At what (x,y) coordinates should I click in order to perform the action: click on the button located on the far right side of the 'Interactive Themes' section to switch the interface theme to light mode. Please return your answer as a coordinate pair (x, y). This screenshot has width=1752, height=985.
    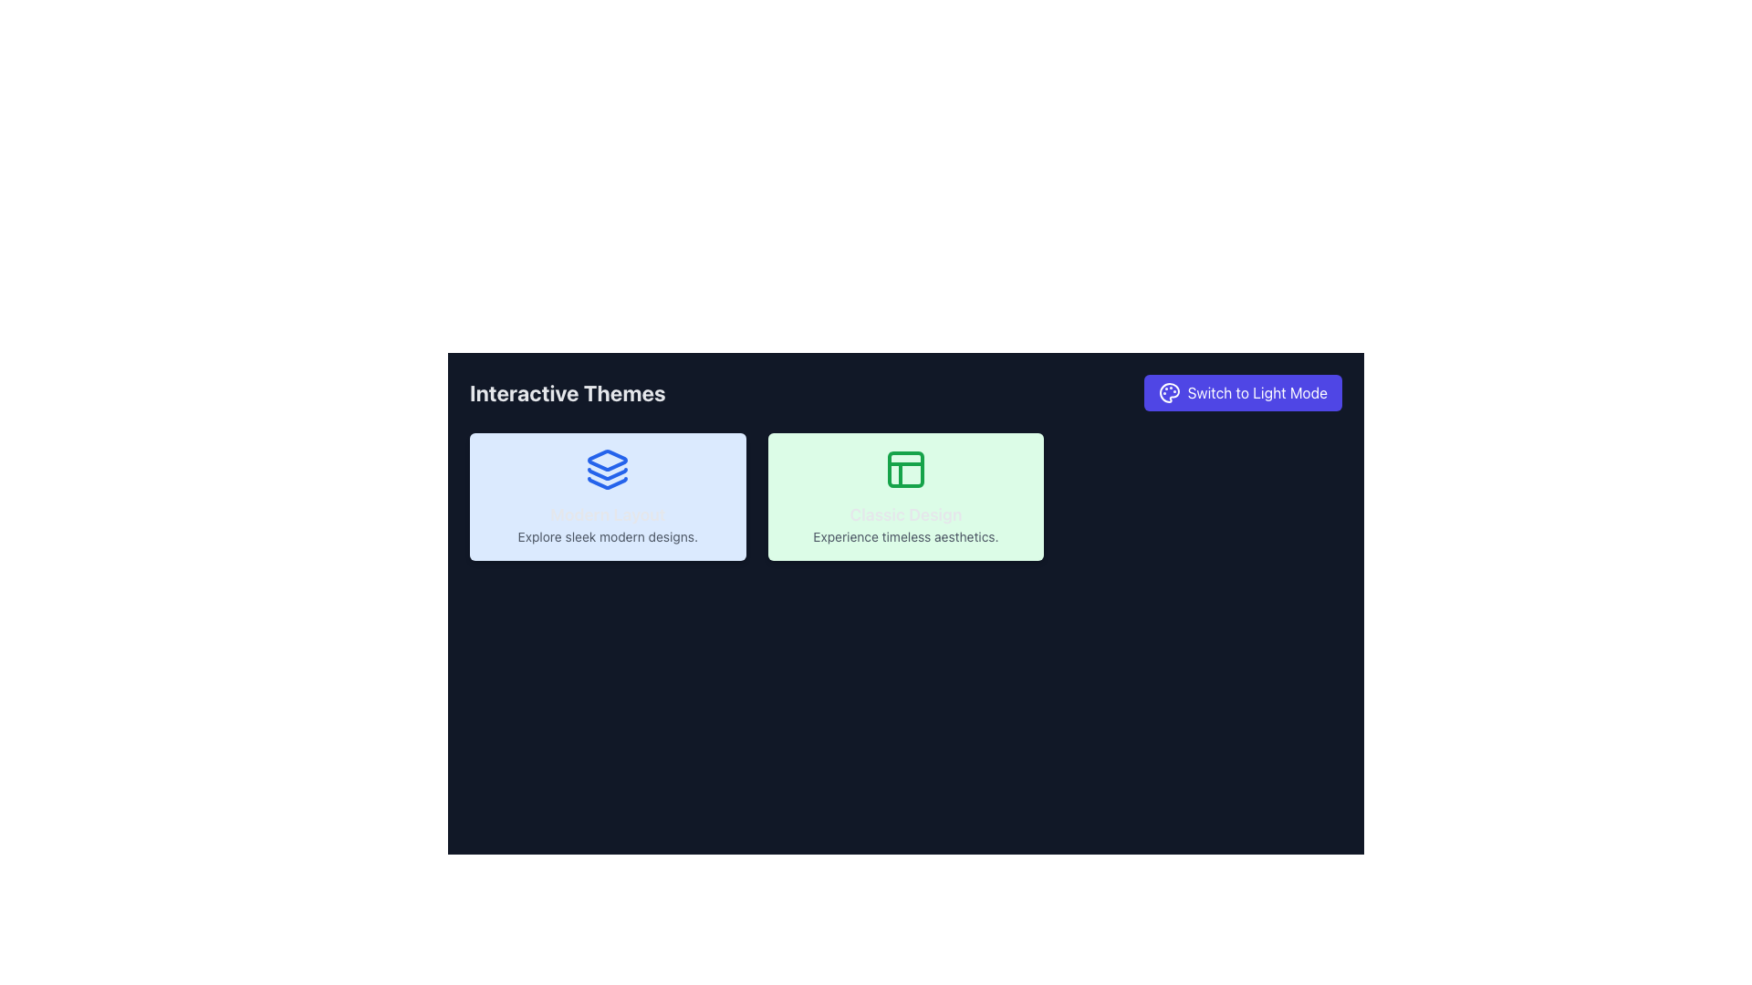
    Looking at the image, I should click on (1242, 392).